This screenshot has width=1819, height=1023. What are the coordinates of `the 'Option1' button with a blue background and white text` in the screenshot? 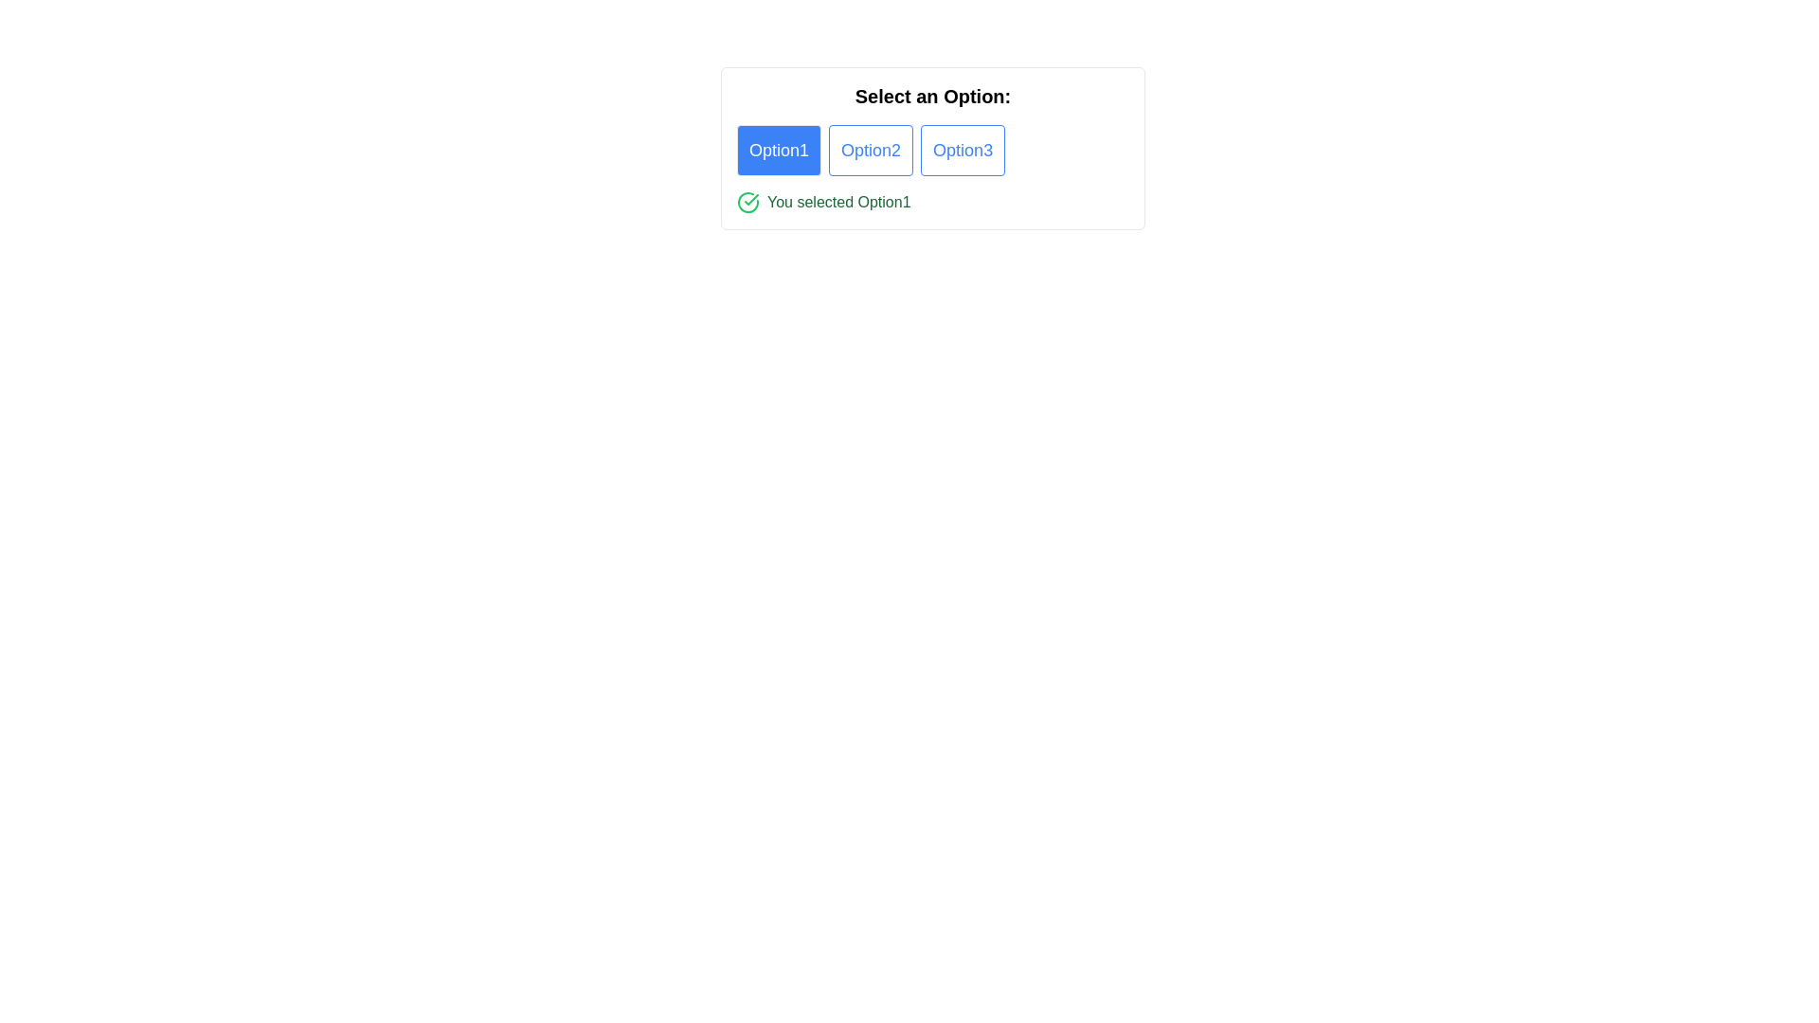 It's located at (779, 149).